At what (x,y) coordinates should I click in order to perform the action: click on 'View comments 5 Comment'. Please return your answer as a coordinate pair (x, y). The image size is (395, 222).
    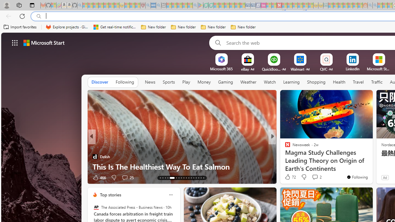
    Looking at the image, I should click on (313, 177).